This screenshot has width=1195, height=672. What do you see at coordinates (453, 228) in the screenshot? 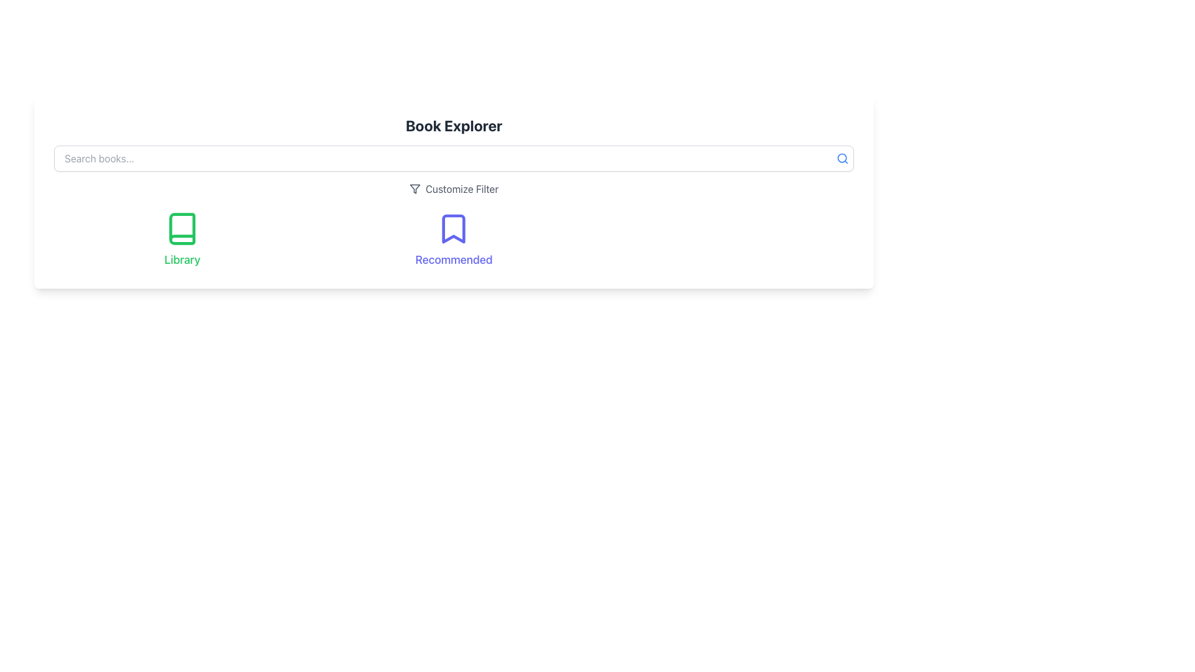
I see `the 'Recommended' icon, which signifies the 'Recommended' section, centrally positioned above the 'Recommended' label text` at bounding box center [453, 228].